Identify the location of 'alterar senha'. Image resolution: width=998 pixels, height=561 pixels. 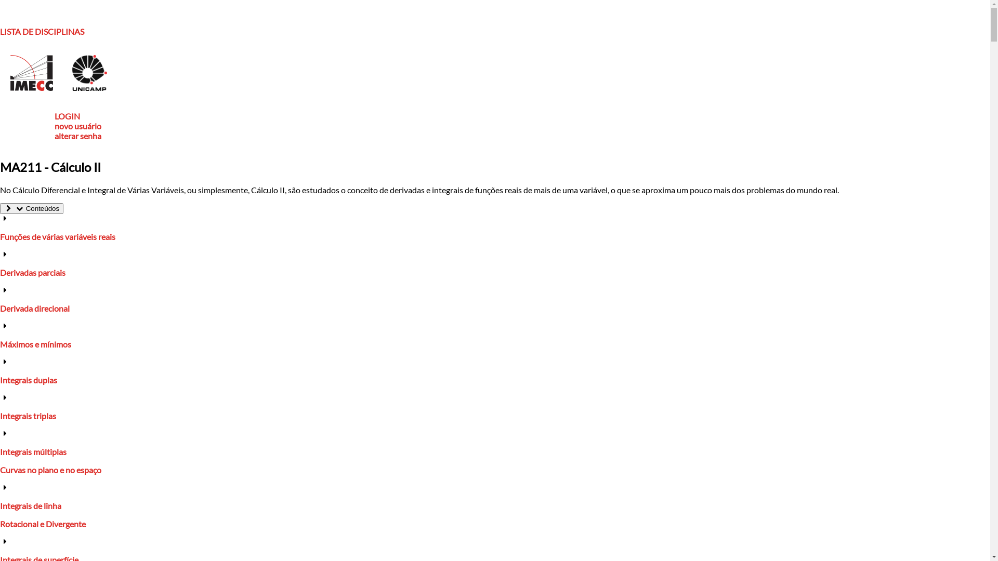
(77, 135).